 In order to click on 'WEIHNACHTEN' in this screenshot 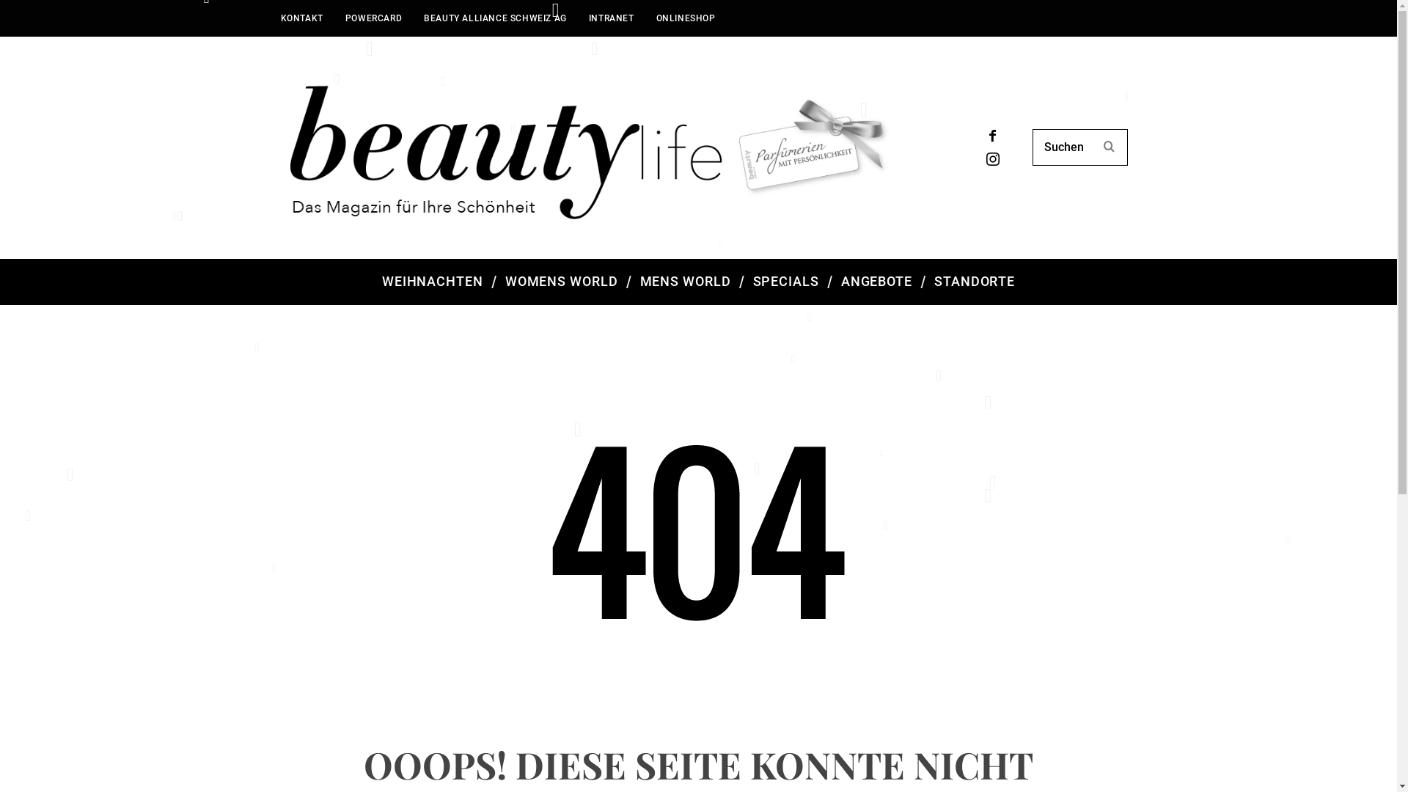, I will do `click(432, 282)`.